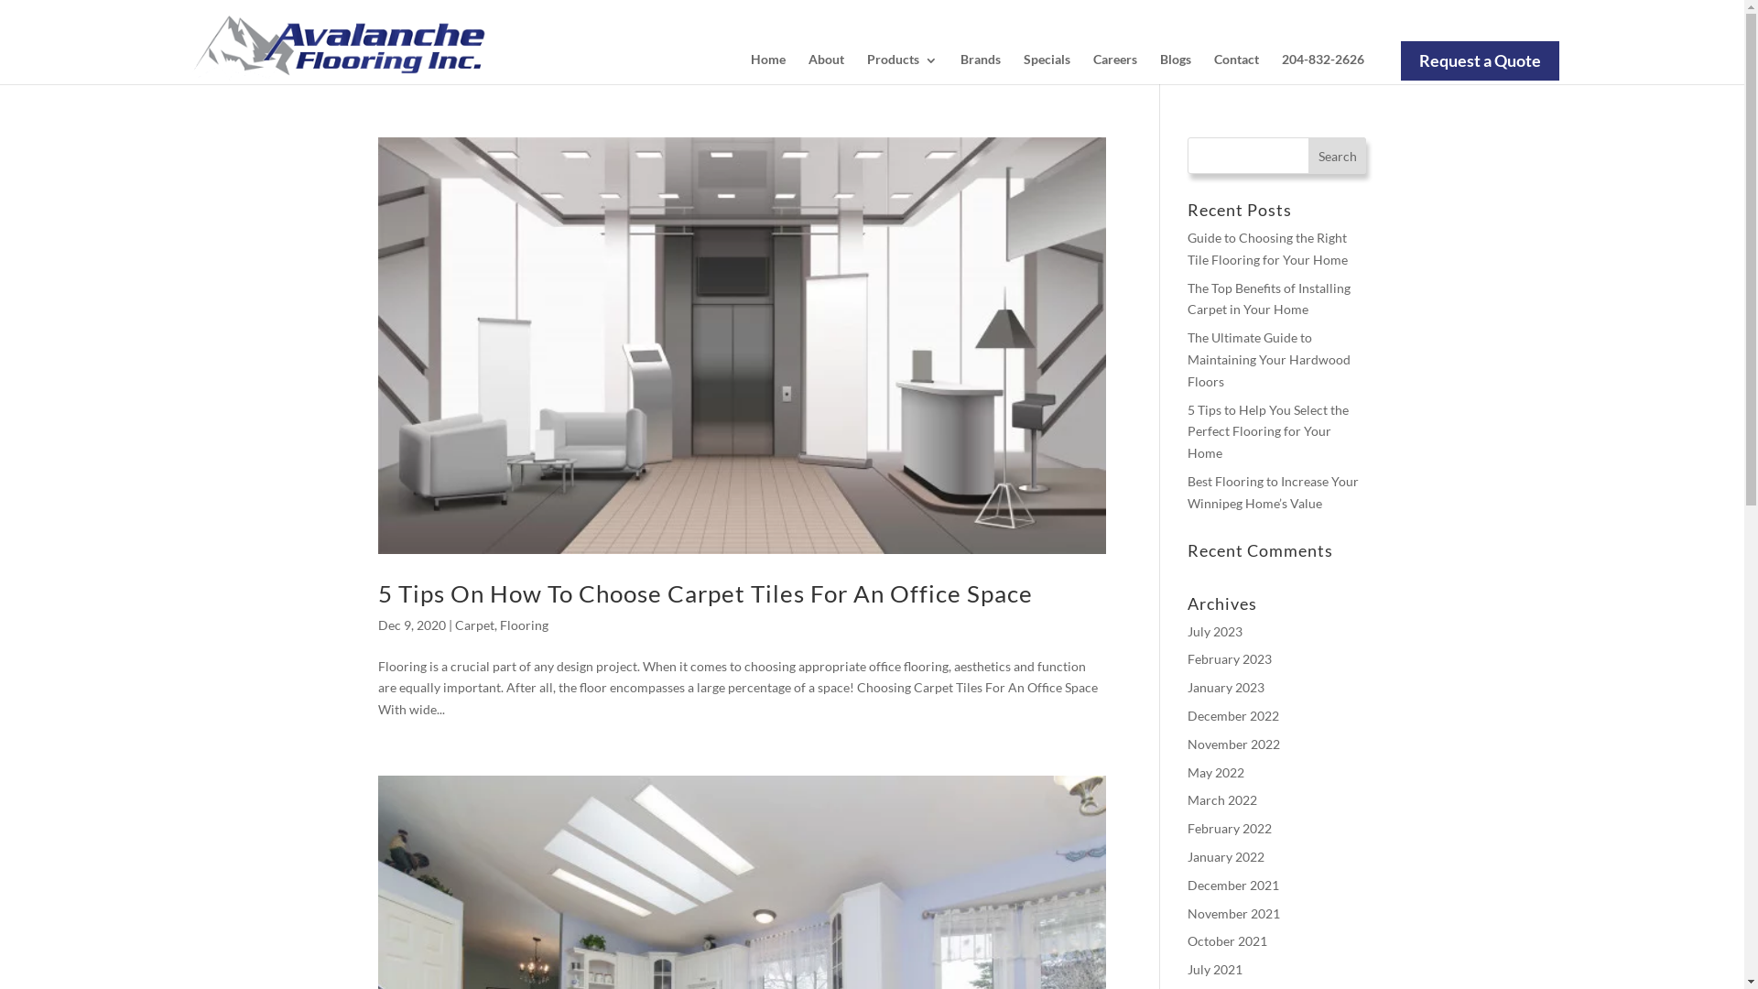 This screenshot has height=989, width=1758. I want to click on 'The Ultimate Guide to Maintaining Your Hardwood Floors', so click(1268, 359).